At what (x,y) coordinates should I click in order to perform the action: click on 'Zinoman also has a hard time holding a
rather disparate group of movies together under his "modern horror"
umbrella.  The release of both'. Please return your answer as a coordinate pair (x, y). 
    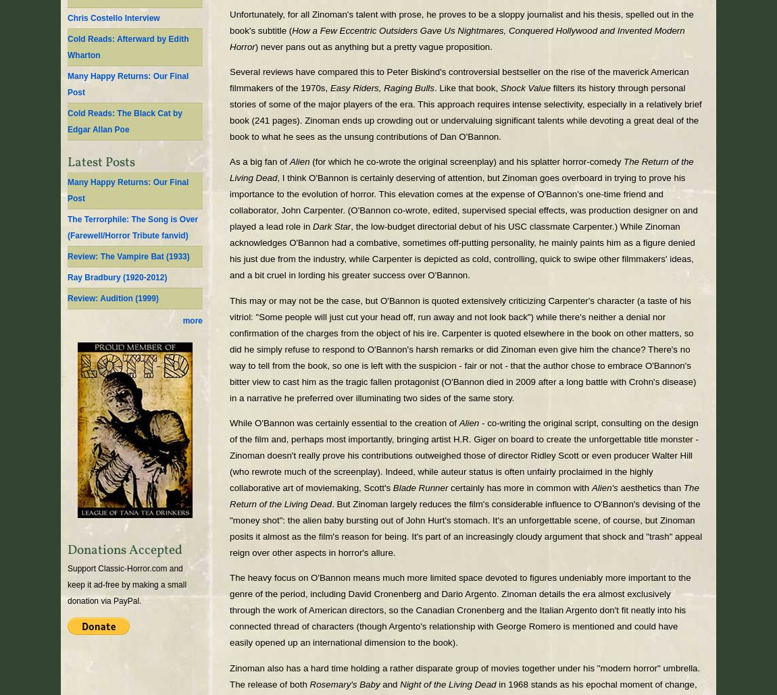
    Looking at the image, I should click on (464, 675).